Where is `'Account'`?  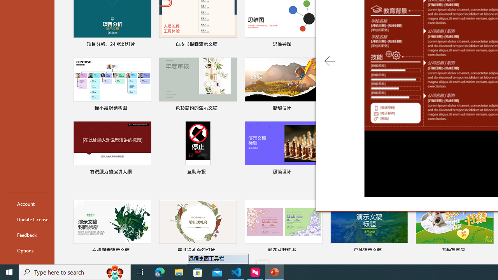 'Account' is located at coordinates (27, 203).